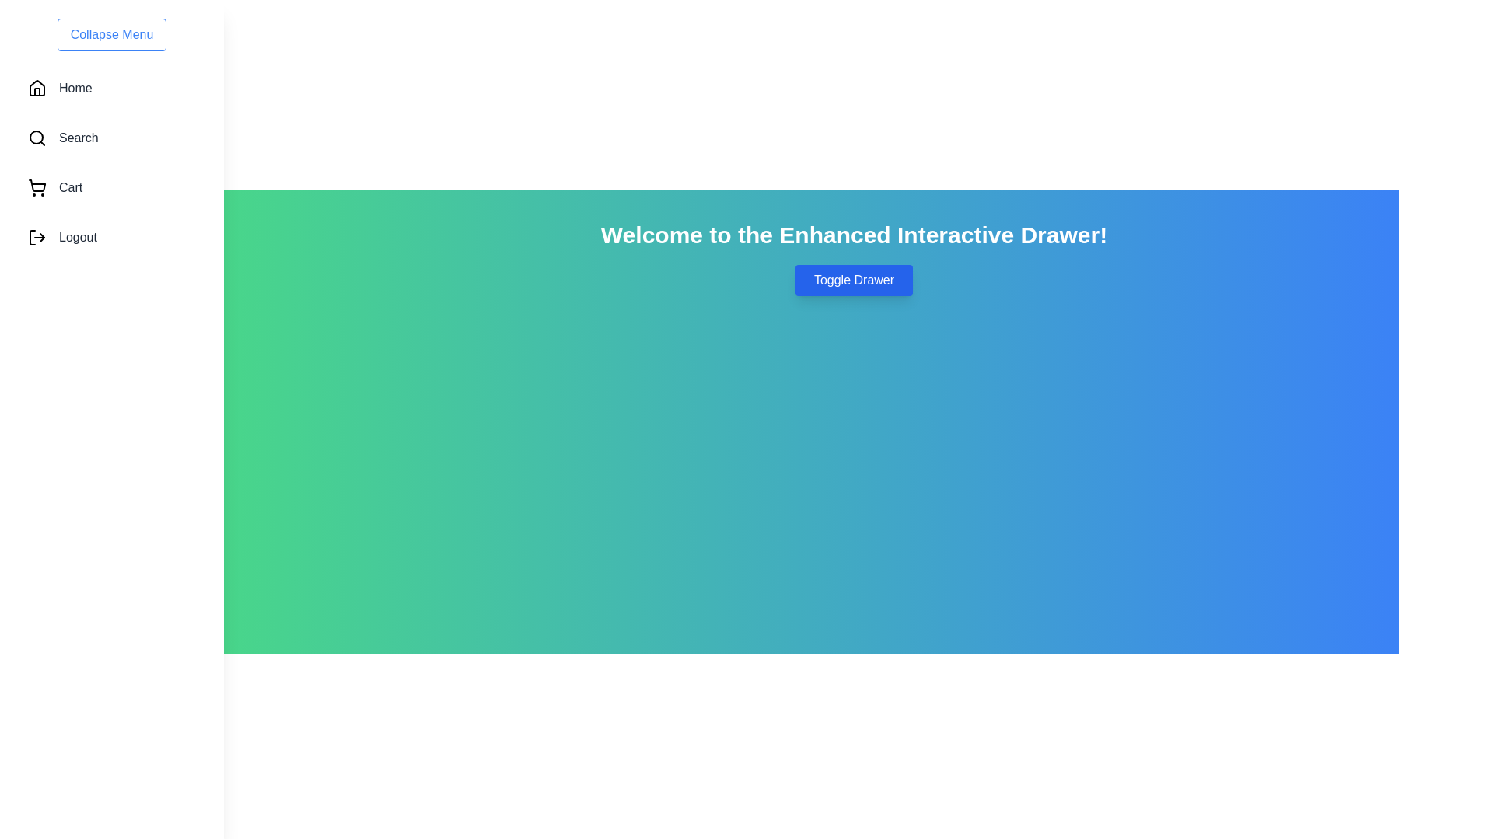 This screenshot has width=1493, height=839. What do you see at coordinates (111, 137) in the screenshot?
I see `the 'Search' menu item to select it` at bounding box center [111, 137].